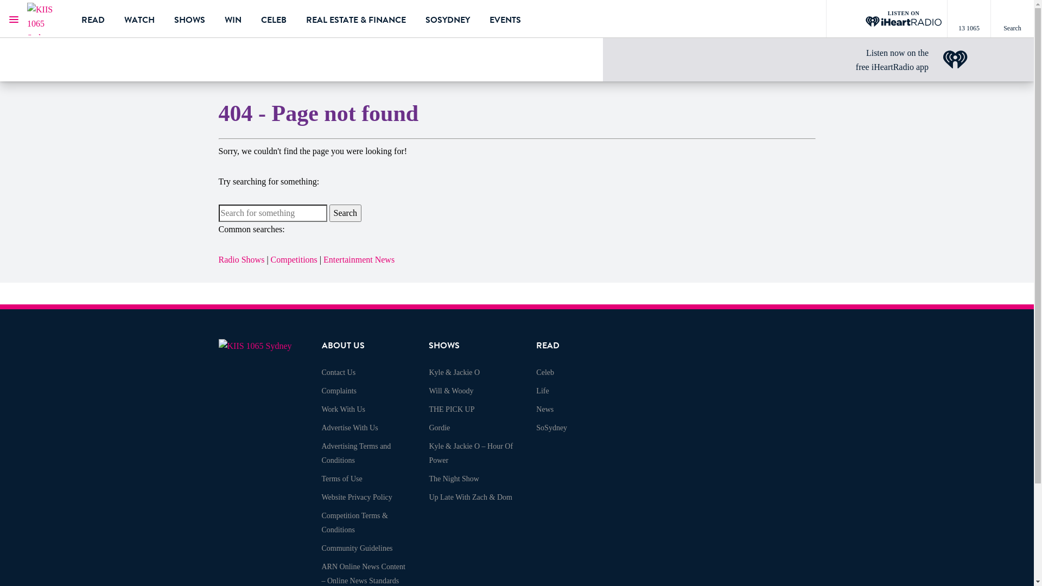 The width and height of the screenshot is (1042, 586). I want to click on 'Competition Terms & Conditions', so click(354, 522).